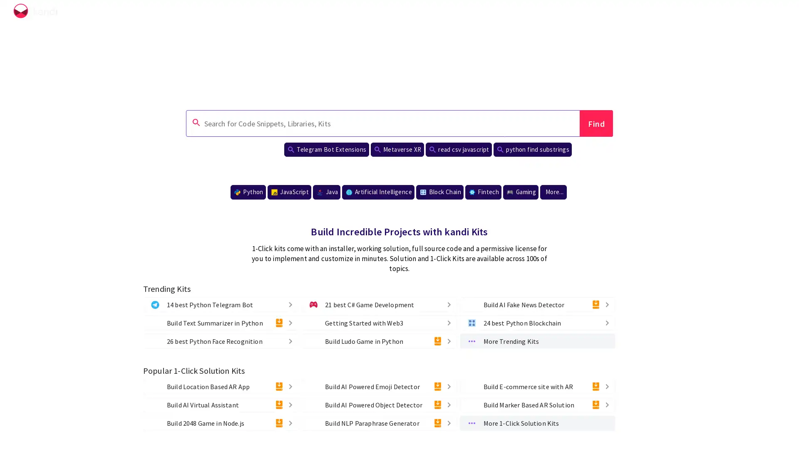 Image resolution: width=799 pixels, height=449 pixels. I want to click on delete, so click(448, 404).